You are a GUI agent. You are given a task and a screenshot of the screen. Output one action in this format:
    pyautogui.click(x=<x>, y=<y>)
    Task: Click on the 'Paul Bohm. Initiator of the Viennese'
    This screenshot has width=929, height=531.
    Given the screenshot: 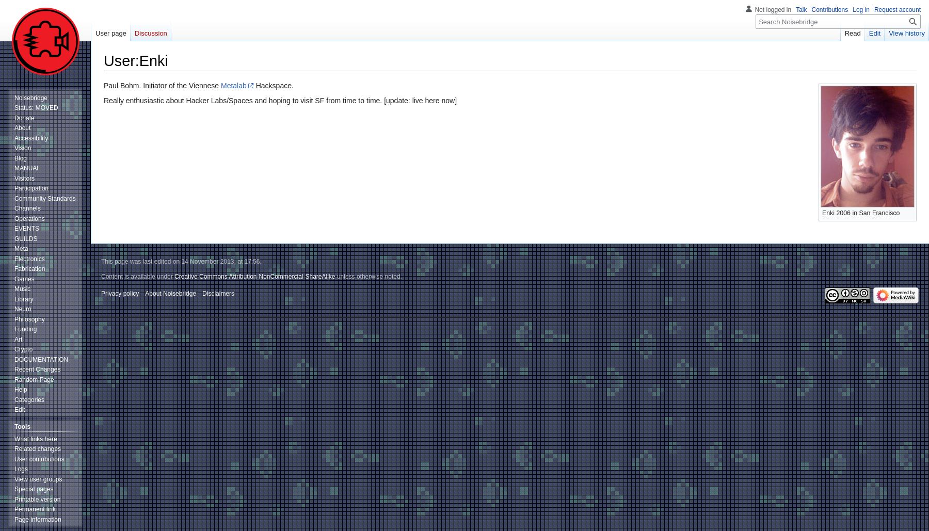 What is the action you would take?
    pyautogui.click(x=162, y=85)
    